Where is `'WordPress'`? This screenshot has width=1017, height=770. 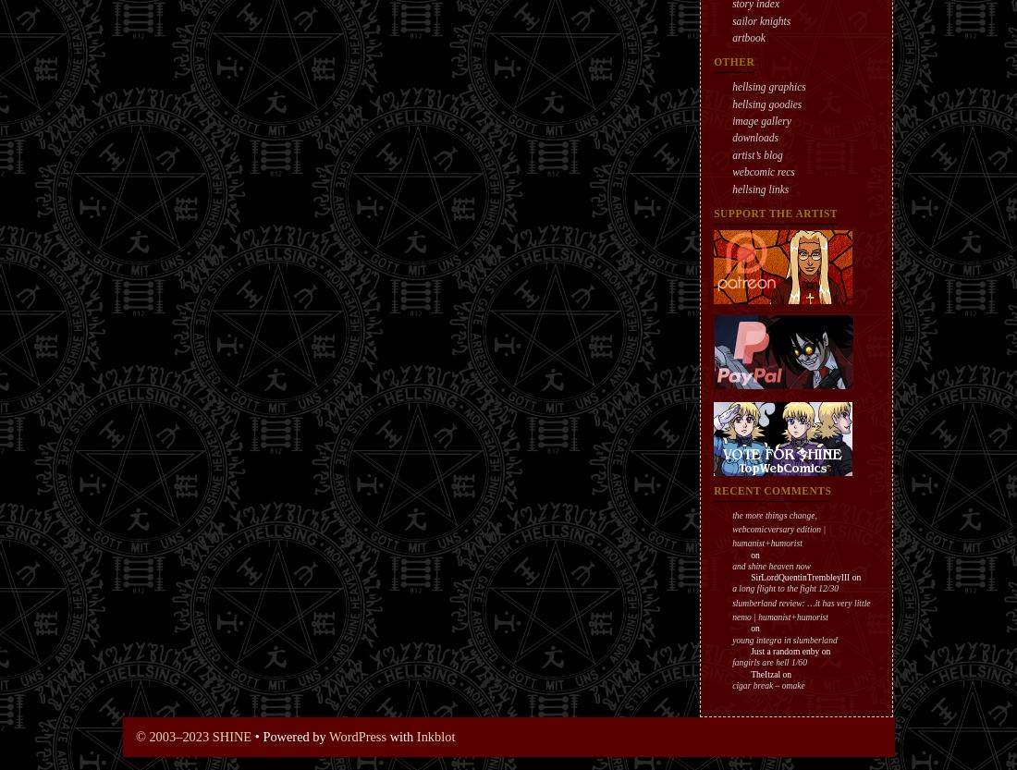
'WordPress' is located at coordinates (328, 736).